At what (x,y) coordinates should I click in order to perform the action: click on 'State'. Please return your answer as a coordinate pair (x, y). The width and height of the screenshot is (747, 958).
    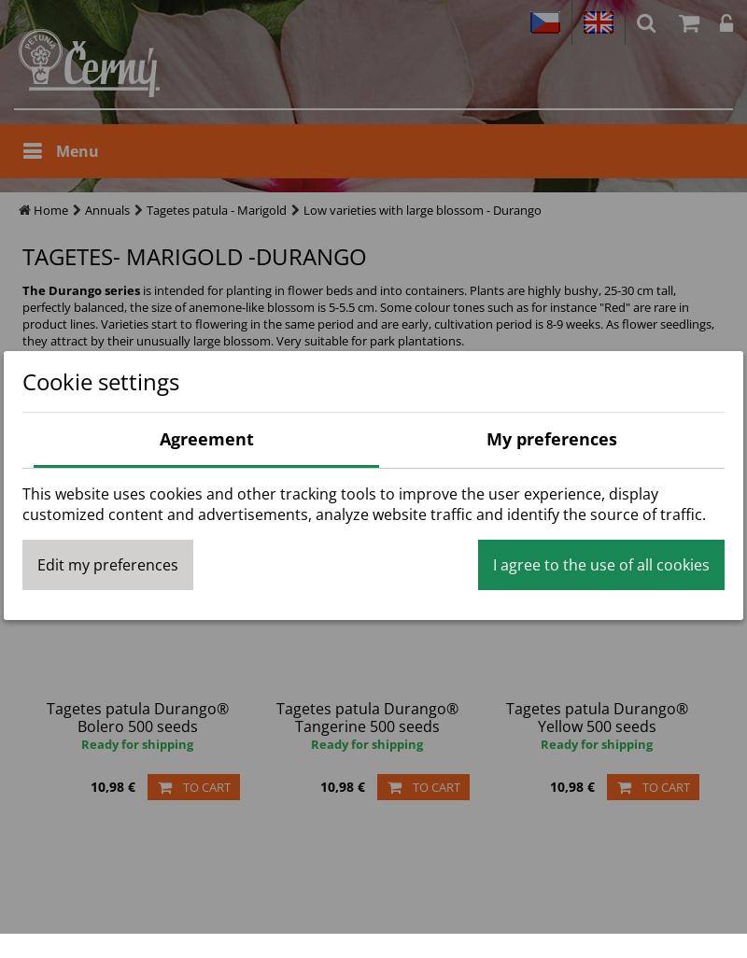
    Looking at the image, I should click on (38, 425).